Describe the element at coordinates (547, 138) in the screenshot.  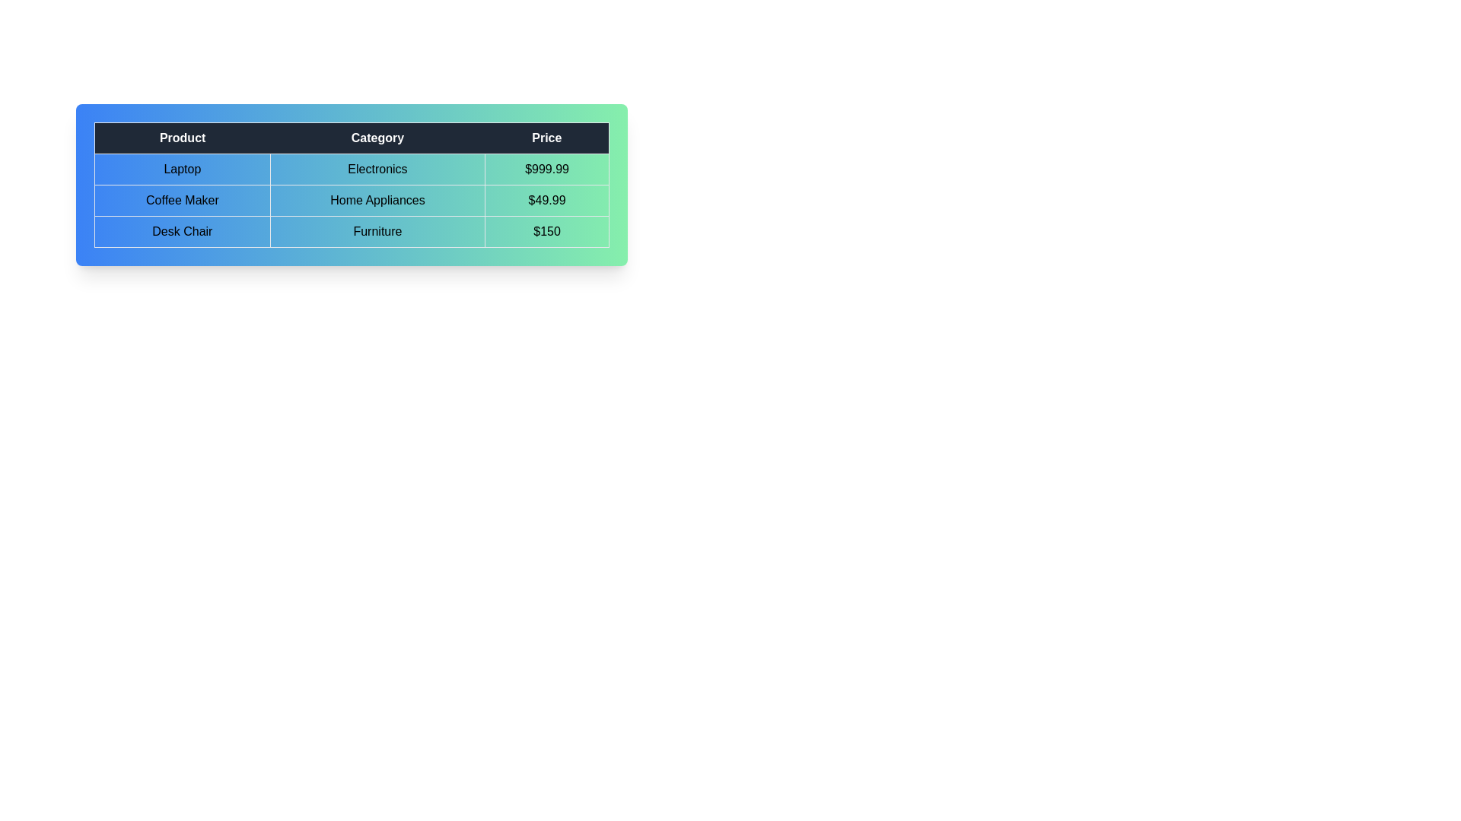
I see `the Table Header Cell displaying 'Price', which is the rightmost header in a row that includes 'Product' and 'Category'` at that location.